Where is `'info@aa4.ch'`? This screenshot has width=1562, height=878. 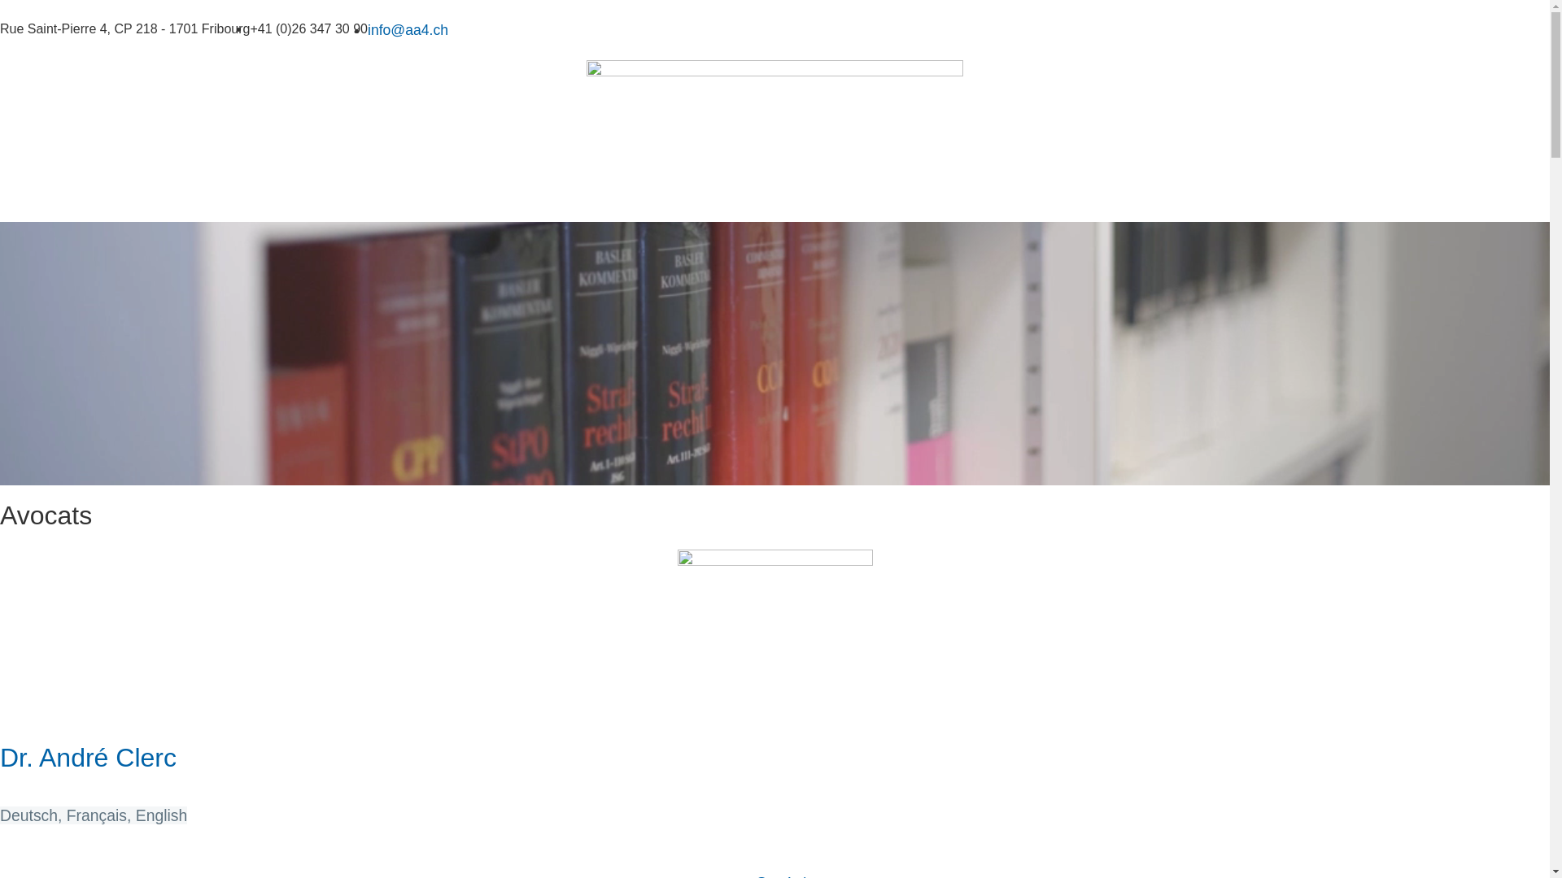
'info@aa4.ch' is located at coordinates (408, 30).